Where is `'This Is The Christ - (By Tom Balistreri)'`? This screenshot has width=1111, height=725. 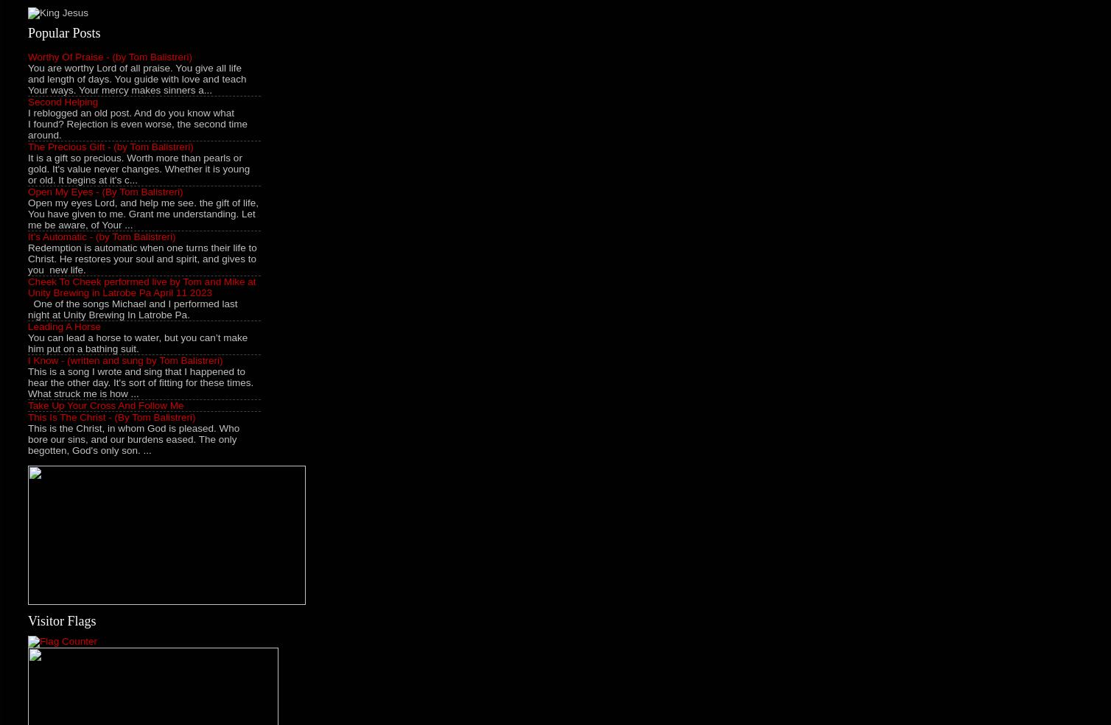
'This Is The Christ - (By Tom Balistreri)' is located at coordinates (111, 416).